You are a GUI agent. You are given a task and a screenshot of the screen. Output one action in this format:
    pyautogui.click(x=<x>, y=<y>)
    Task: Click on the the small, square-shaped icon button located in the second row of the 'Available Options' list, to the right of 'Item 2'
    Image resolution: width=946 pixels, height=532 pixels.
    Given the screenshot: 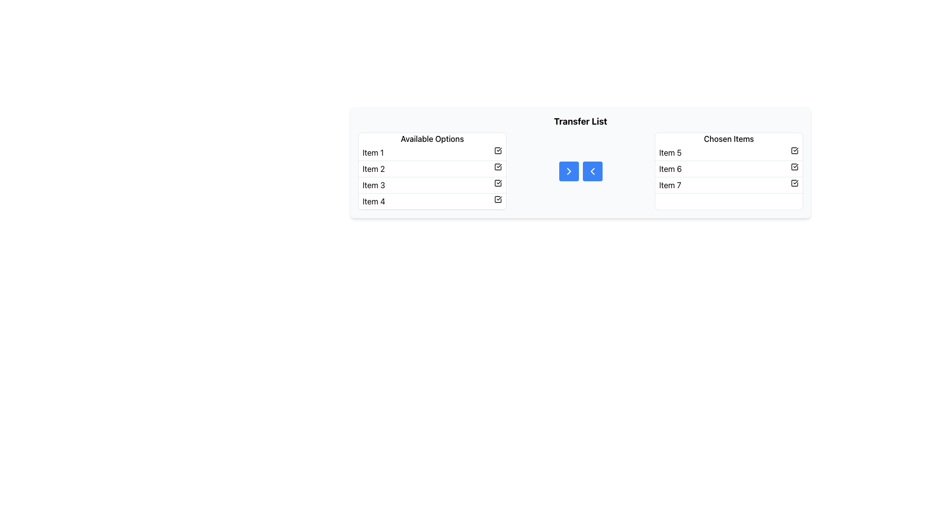 What is the action you would take?
    pyautogui.click(x=498, y=166)
    